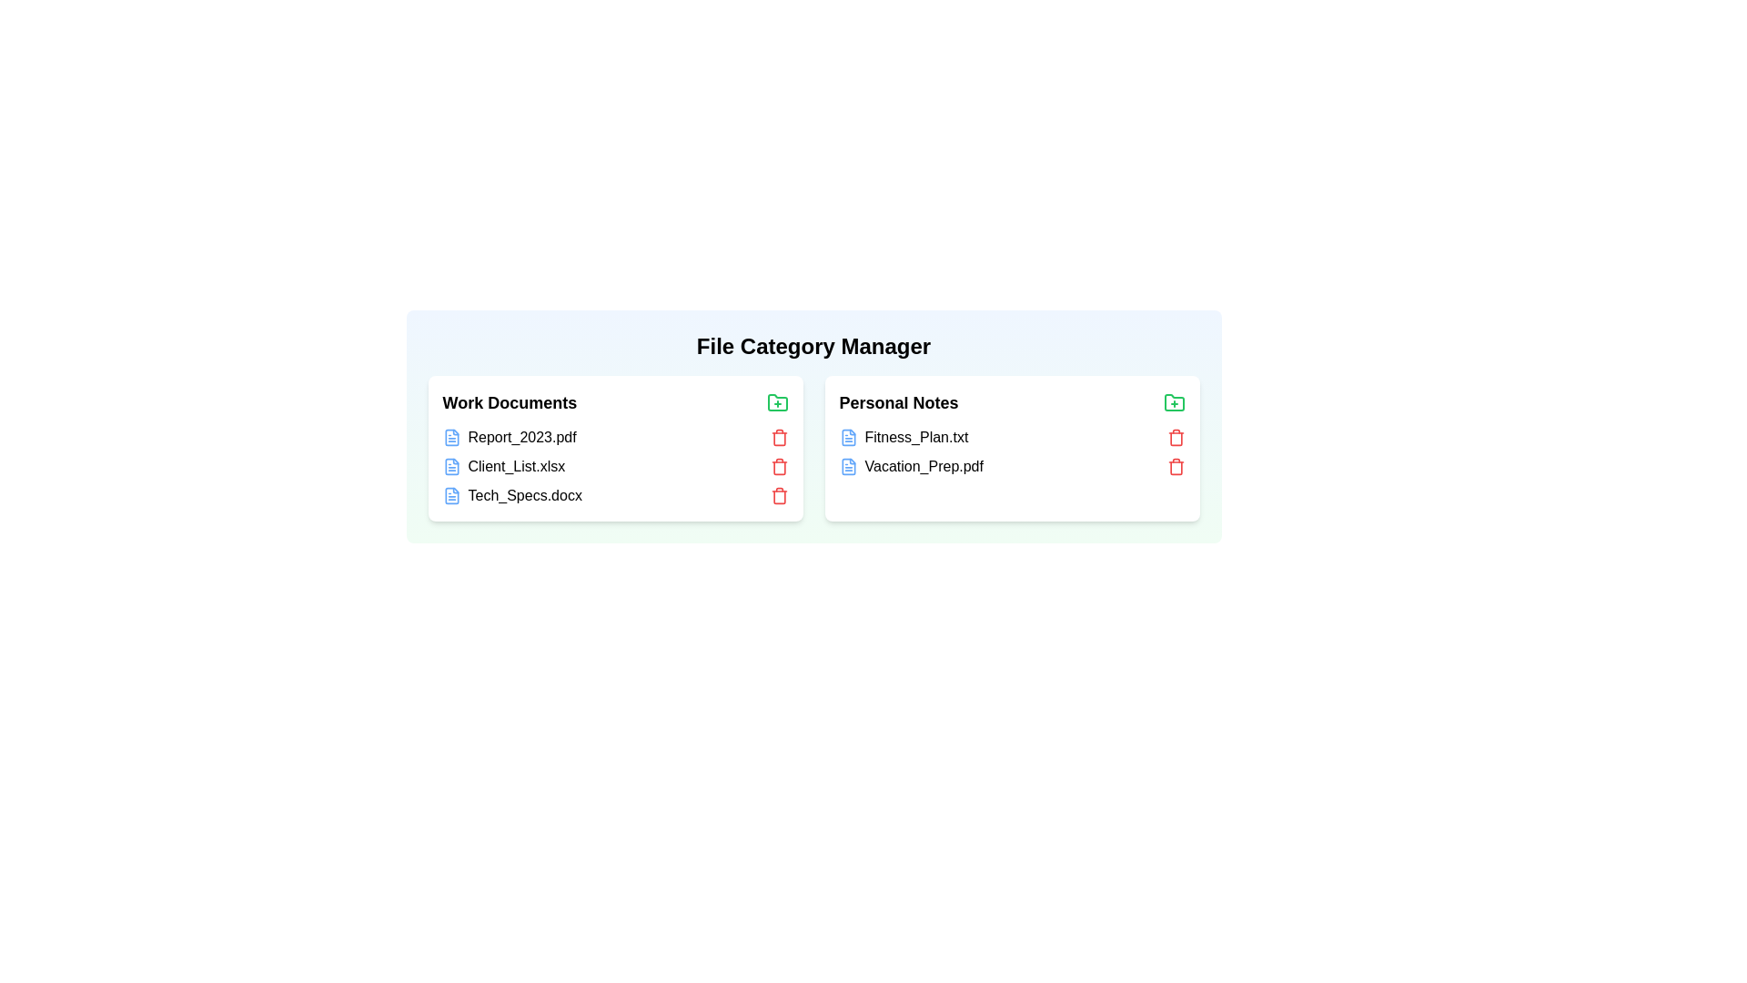  What do you see at coordinates (1174, 402) in the screenshot?
I see `'Add File' button for the category 'Personal Notes'` at bounding box center [1174, 402].